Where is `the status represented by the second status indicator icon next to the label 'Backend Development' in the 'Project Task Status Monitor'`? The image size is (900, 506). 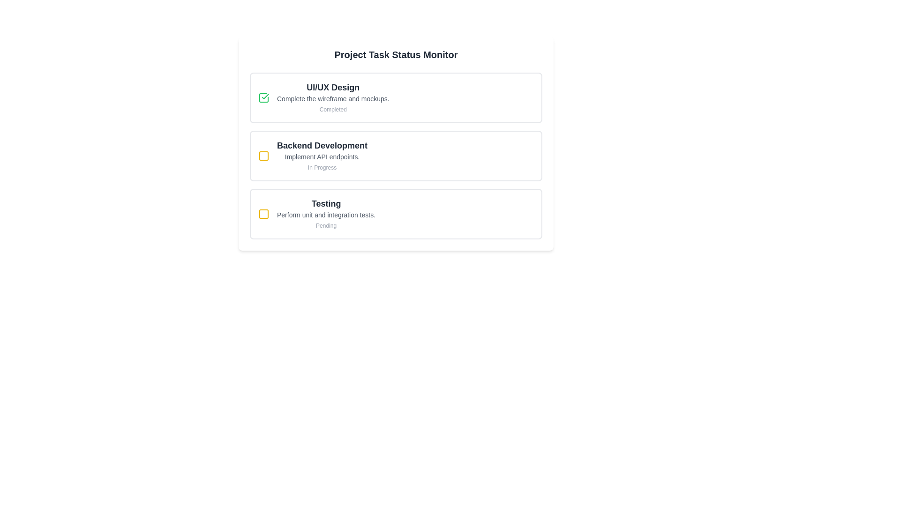 the status represented by the second status indicator icon next to the label 'Backend Development' in the 'Project Task Status Monitor' is located at coordinates (263, 214).